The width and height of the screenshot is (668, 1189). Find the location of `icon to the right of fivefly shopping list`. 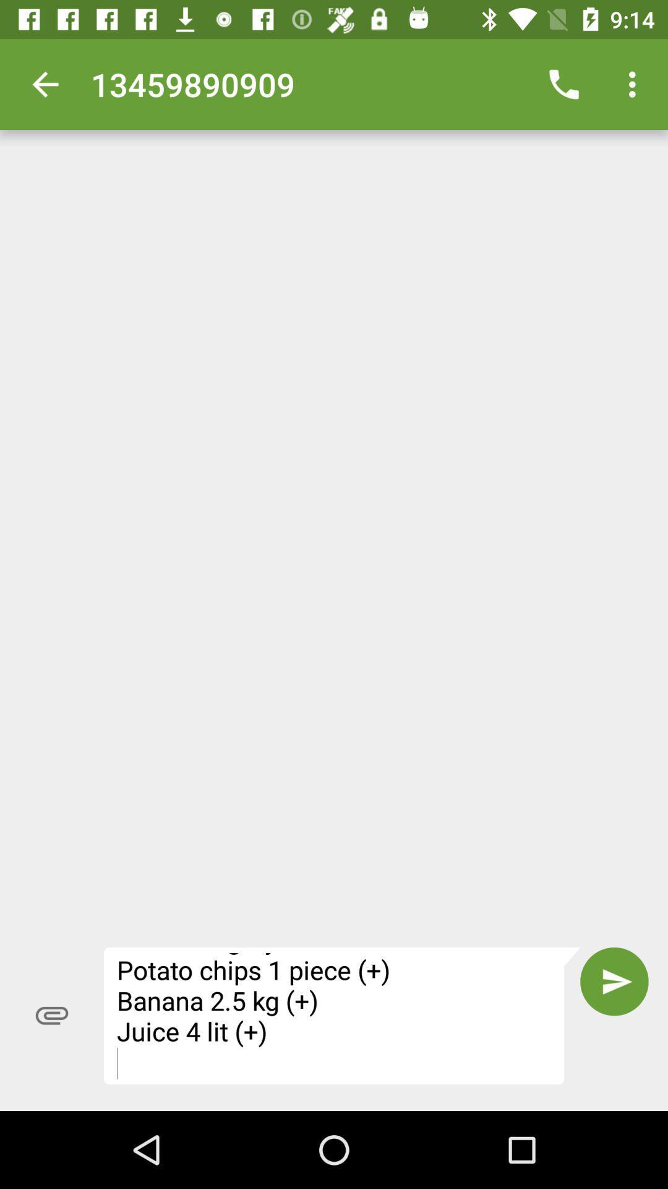

icon to the right of fivefly shopping list is located at coordinates (614, 981).